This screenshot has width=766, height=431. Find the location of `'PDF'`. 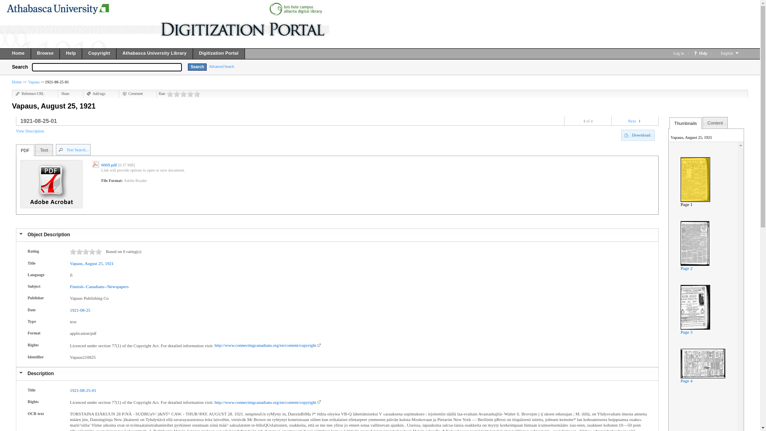

'PDF' is located at coordinates (25, 150).